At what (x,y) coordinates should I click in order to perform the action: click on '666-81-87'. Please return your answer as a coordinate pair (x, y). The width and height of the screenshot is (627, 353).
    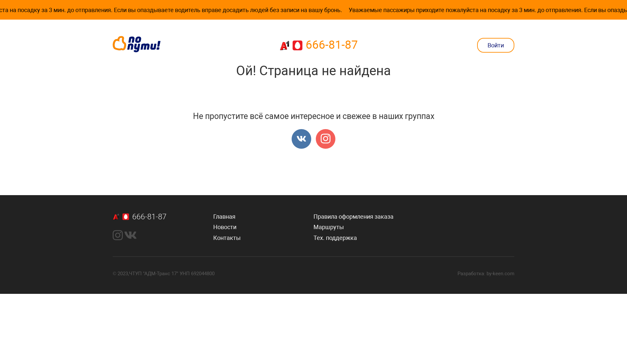
    Looking at the image, I should click on (318, 45).